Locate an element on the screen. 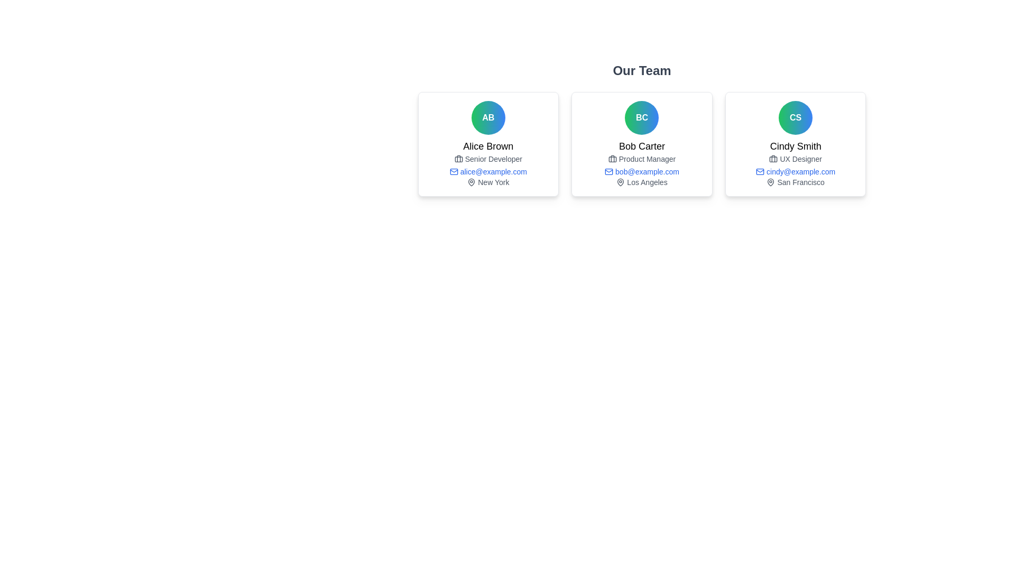 The height and width of the screenshot is (571, 1015). the briefcase icon component located in the middle card labeled 'Bob Carter', which is a rectangular shape with rounded corners, styled with a white fill and a black border is located at coordinates (612, 159).